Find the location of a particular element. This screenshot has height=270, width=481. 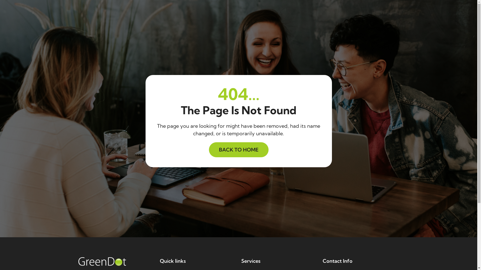

'BACK TO HOME' is located at coordinates (238, 149).